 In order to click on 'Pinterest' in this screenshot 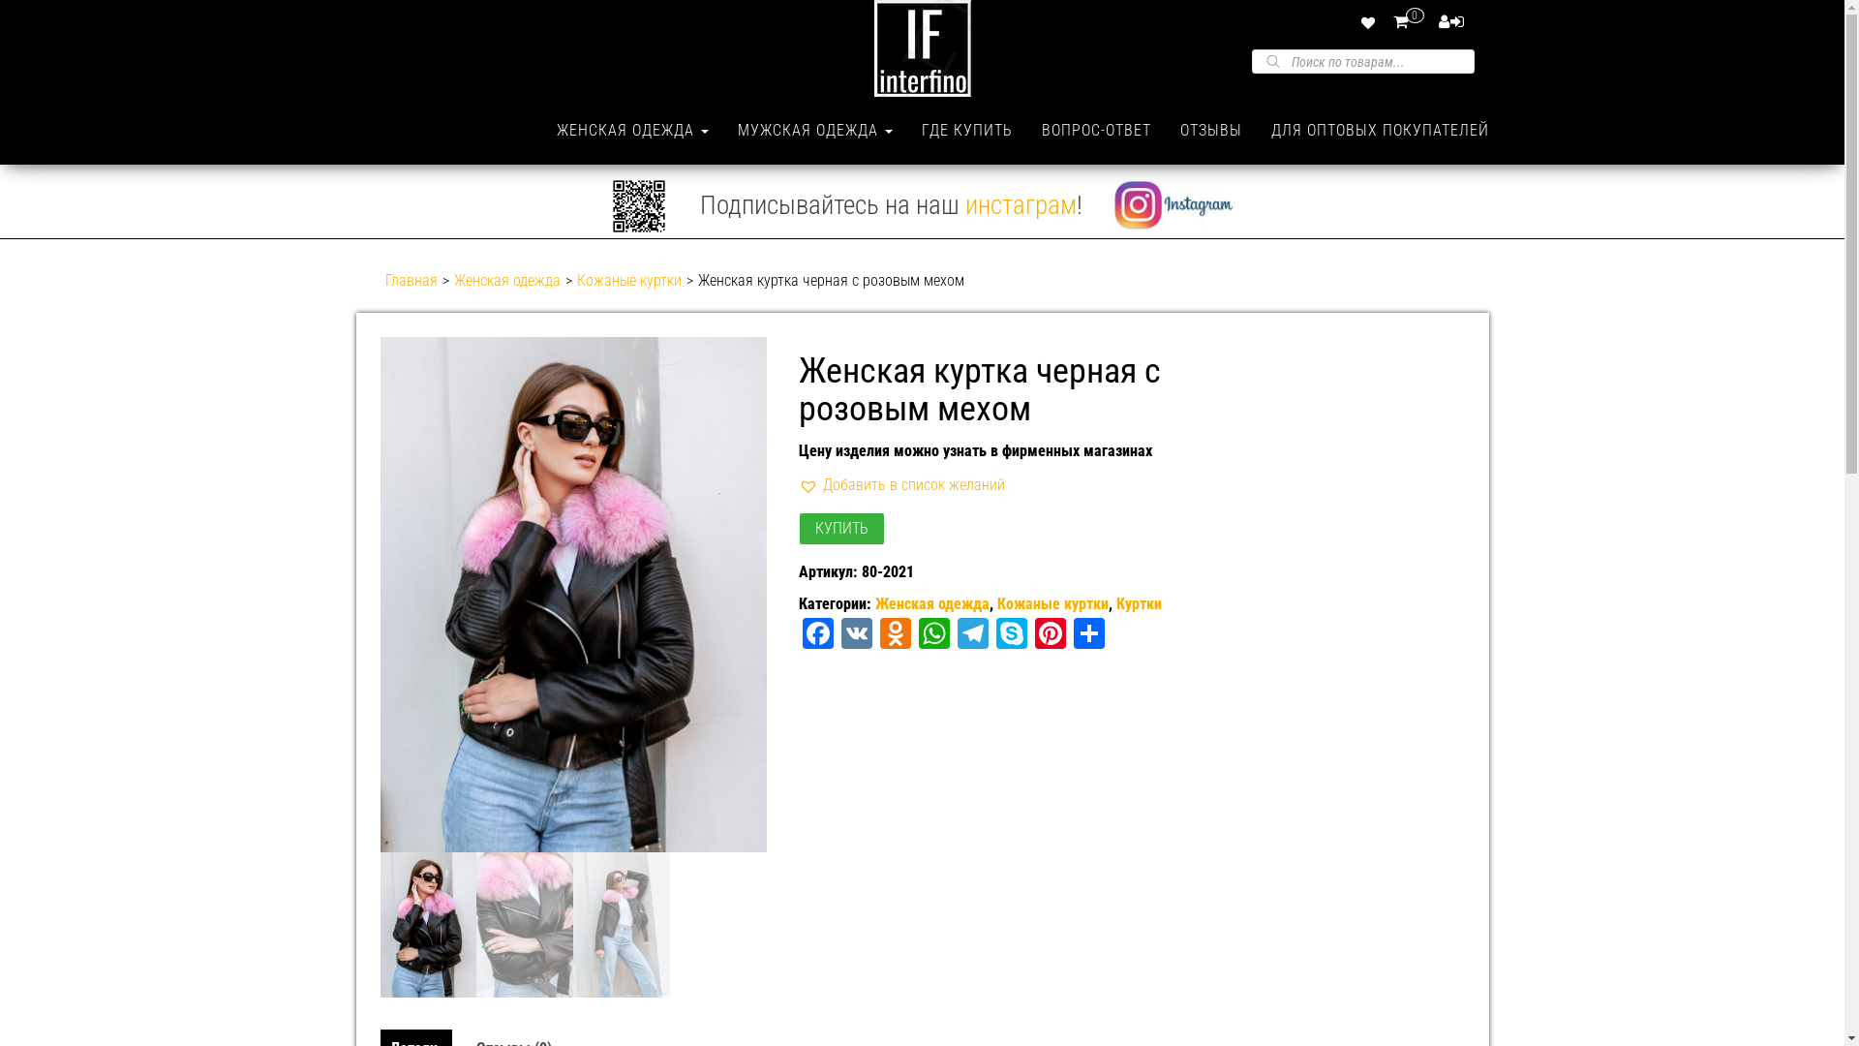, I will do `click(1049, 635)`.